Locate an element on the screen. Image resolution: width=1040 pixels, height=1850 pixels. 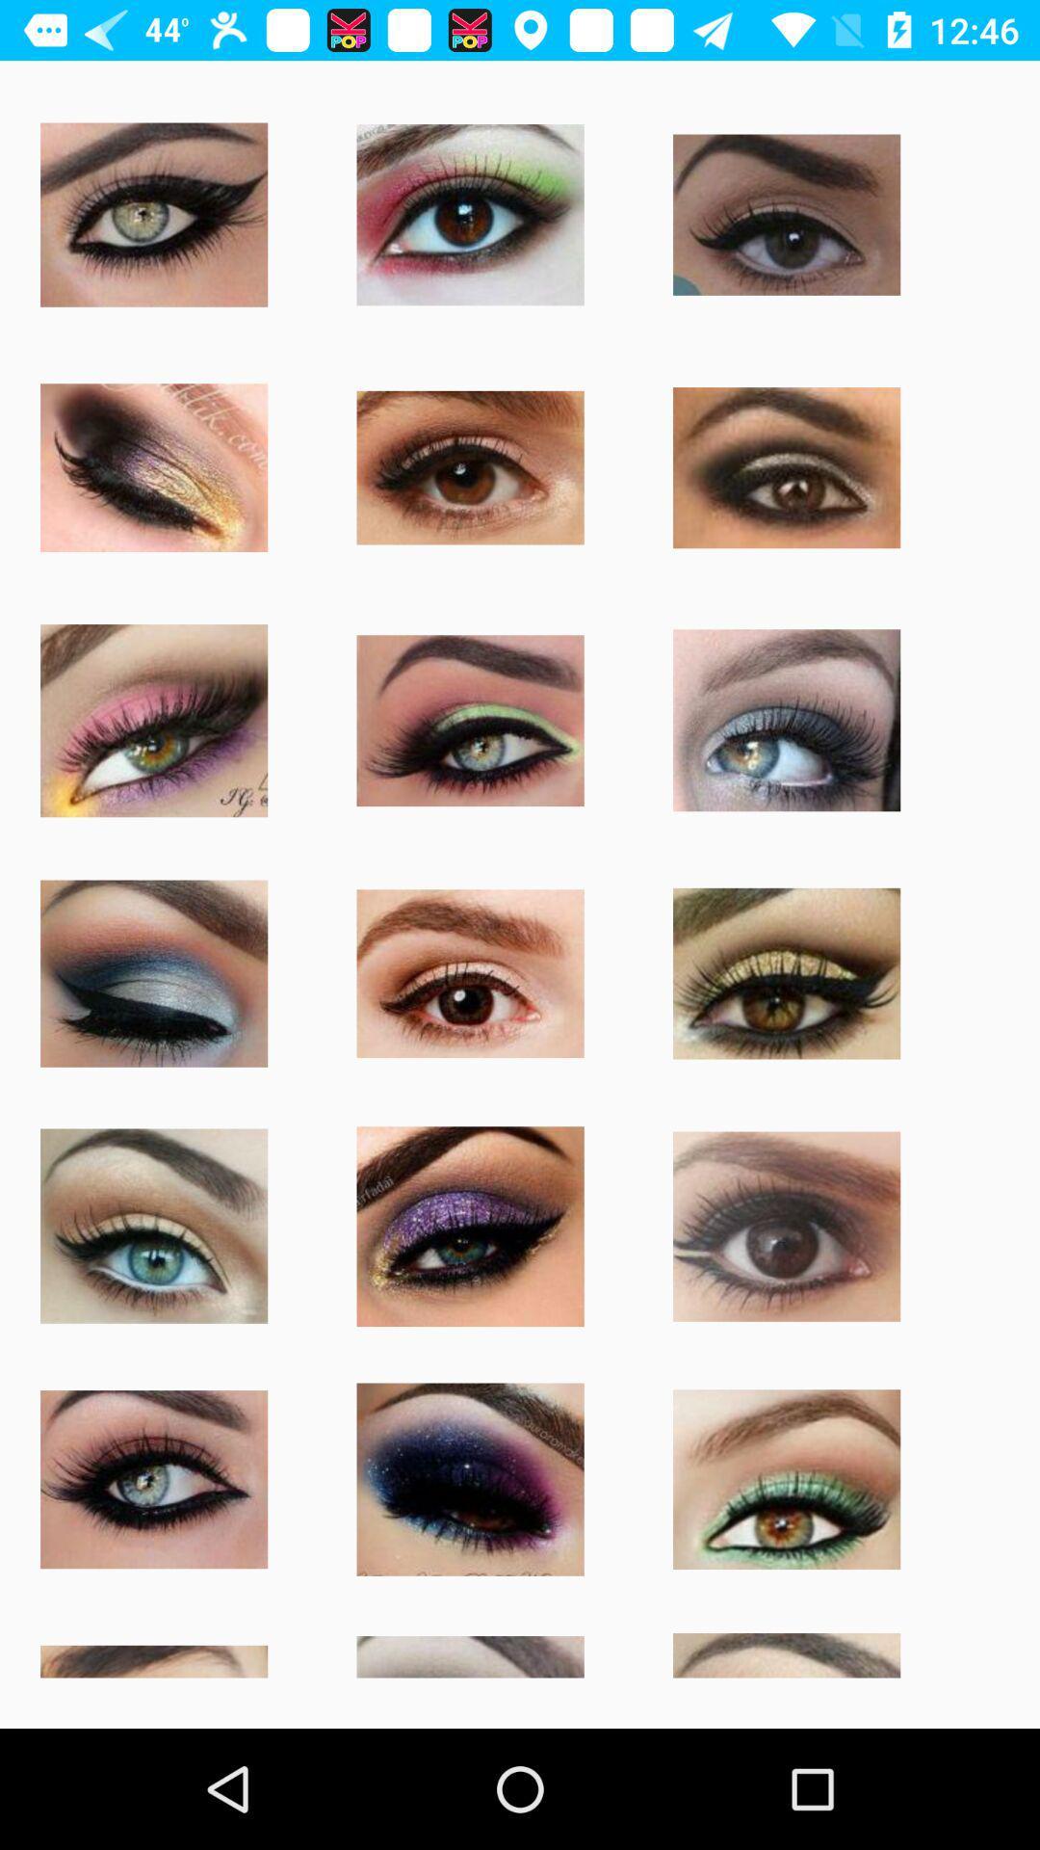
the first image is located at coordinates (152, 214).